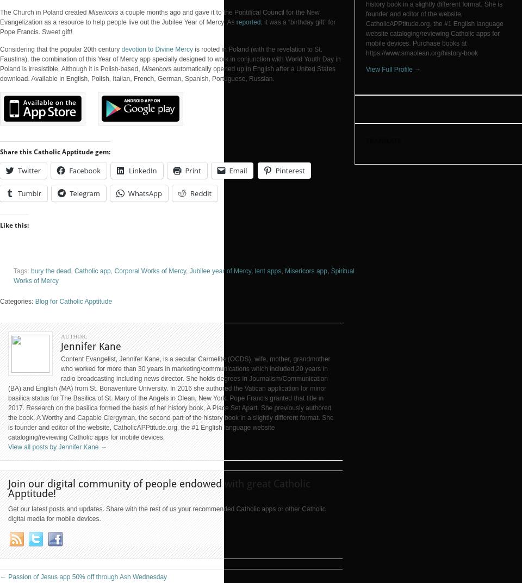  What do you see at coordinates (44, 11) in the screenshot?
I see `'The Church in Poland created'` at bounding box center [44, 11].